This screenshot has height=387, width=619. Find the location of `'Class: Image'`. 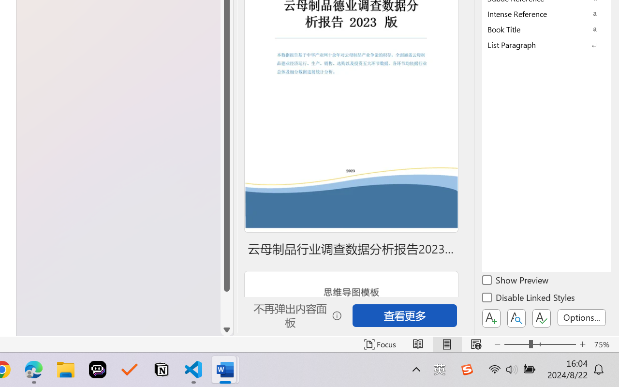

'Class: Image' is located at coordinates (467, 370).